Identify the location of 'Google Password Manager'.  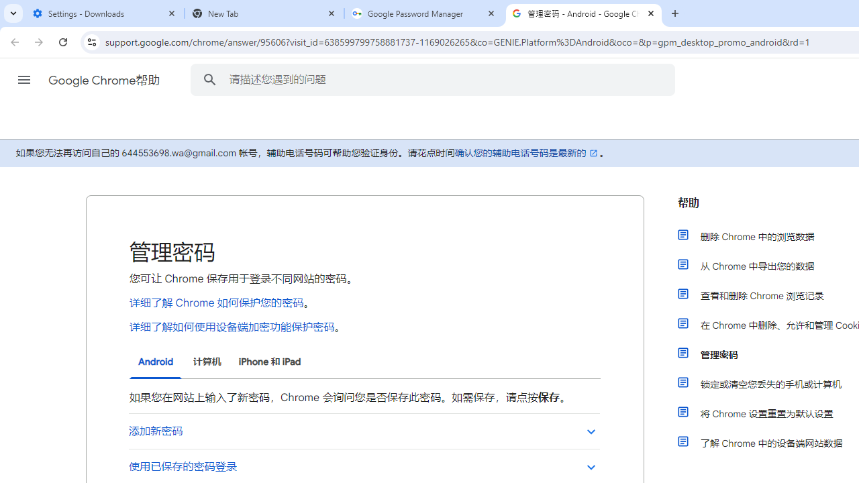
(423, 13).